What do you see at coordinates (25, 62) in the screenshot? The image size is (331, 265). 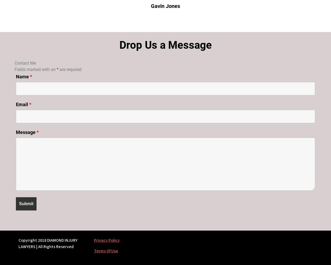 I see `'Contact Me'` at bounding box center [25, 62].